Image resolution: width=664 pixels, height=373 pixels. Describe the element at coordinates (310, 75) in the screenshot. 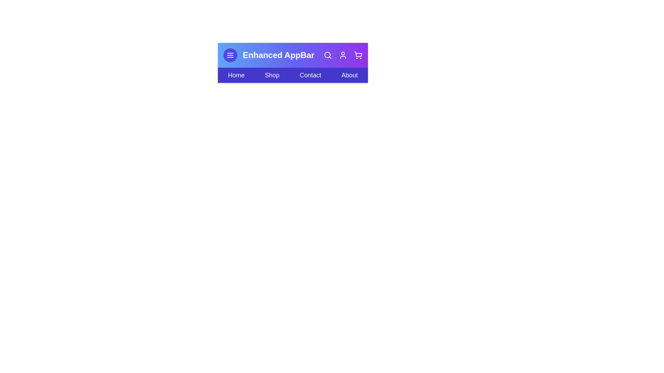

I see `the Contact navigation link` at that location.